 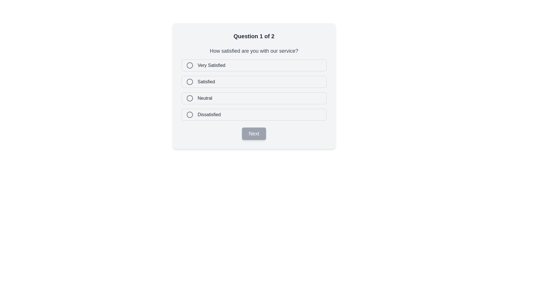 I want to click on the group of radio button options for satisfaction rating, so click(x=254, y=90).